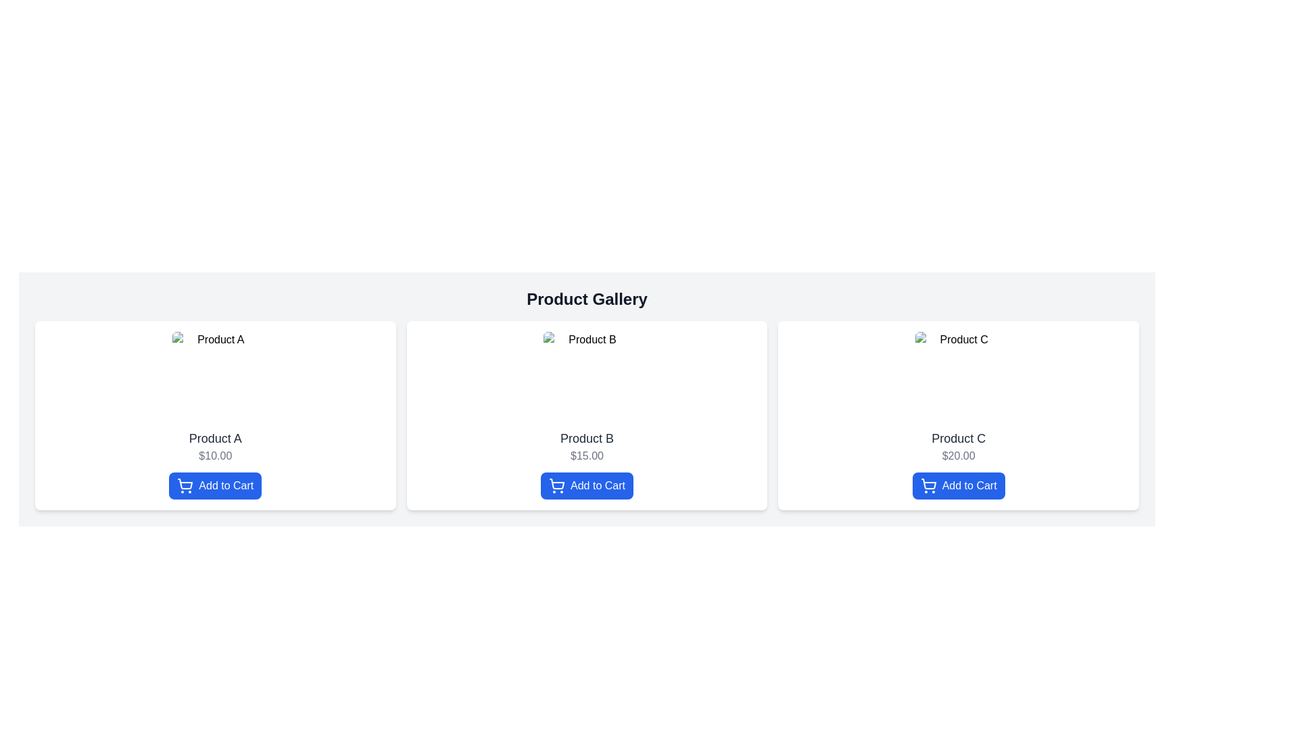  Describe the element at coordinates (587, 438) in the screenshot. I see `the product visually` at that location.